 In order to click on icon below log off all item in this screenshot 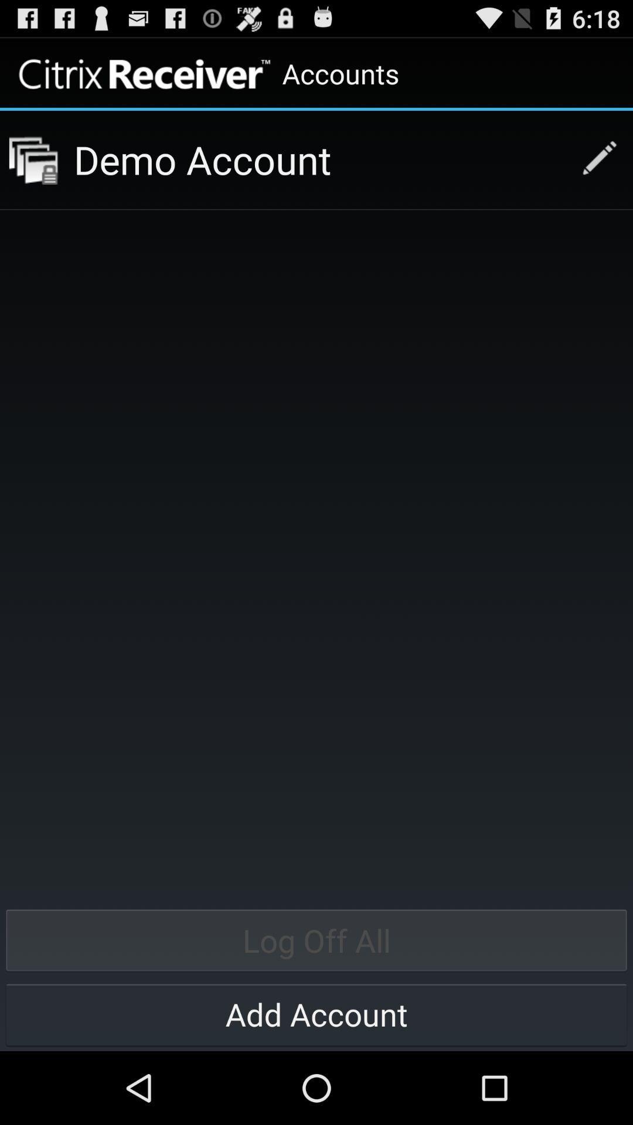, I will do `click(316, 1014)`.